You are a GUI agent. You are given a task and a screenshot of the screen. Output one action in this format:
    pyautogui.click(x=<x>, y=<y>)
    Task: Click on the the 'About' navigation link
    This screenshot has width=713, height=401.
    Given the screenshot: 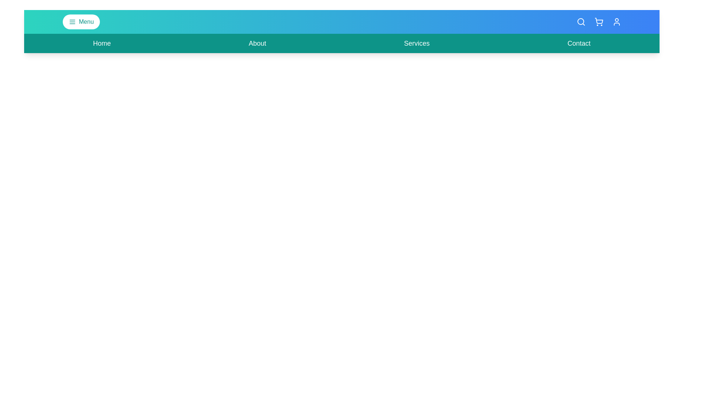 What is the action you would take?
    pyautogui.click(x=257, y=43)
    